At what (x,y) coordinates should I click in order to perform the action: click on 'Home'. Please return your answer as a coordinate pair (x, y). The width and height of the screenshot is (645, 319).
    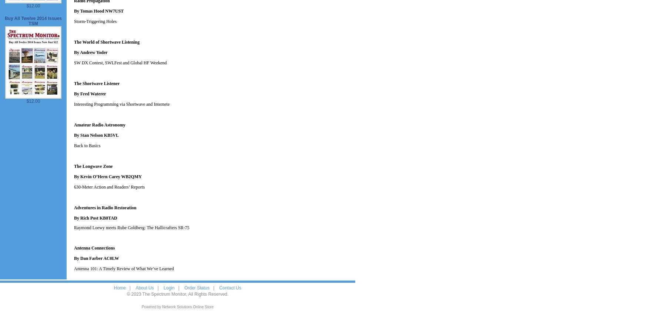
    Looking at the image, I should click on (120, 288).